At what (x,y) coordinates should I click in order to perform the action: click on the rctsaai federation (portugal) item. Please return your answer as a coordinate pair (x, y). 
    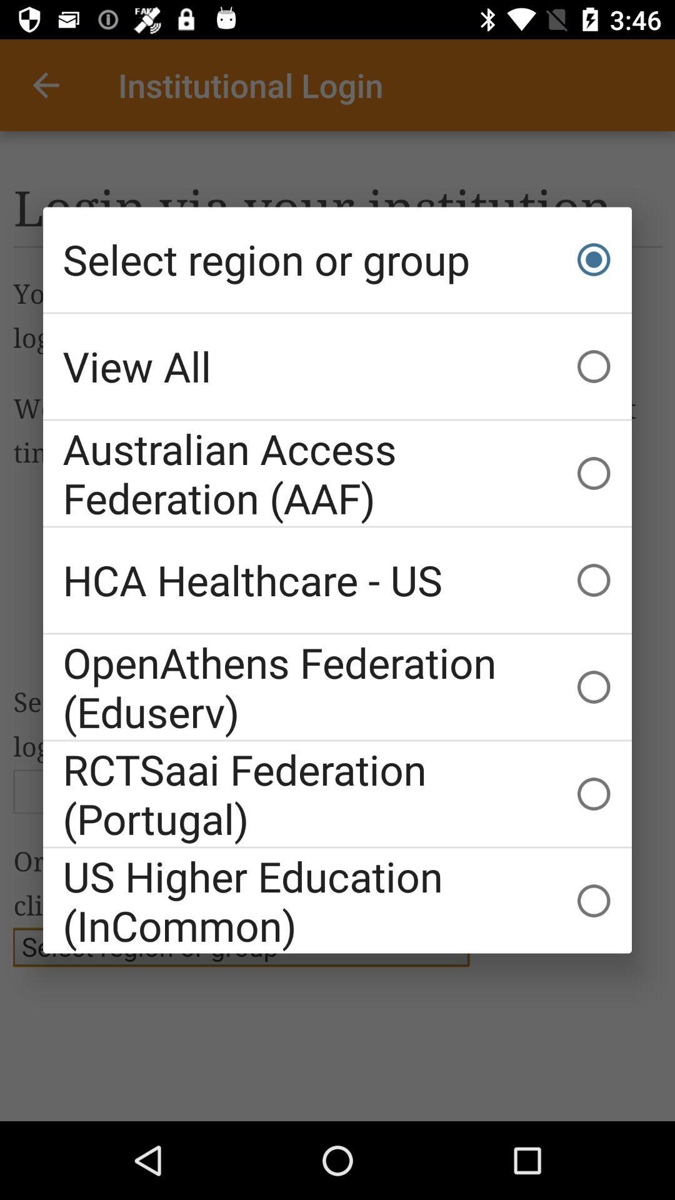
    Looking at the image, I should click on (337, 793).